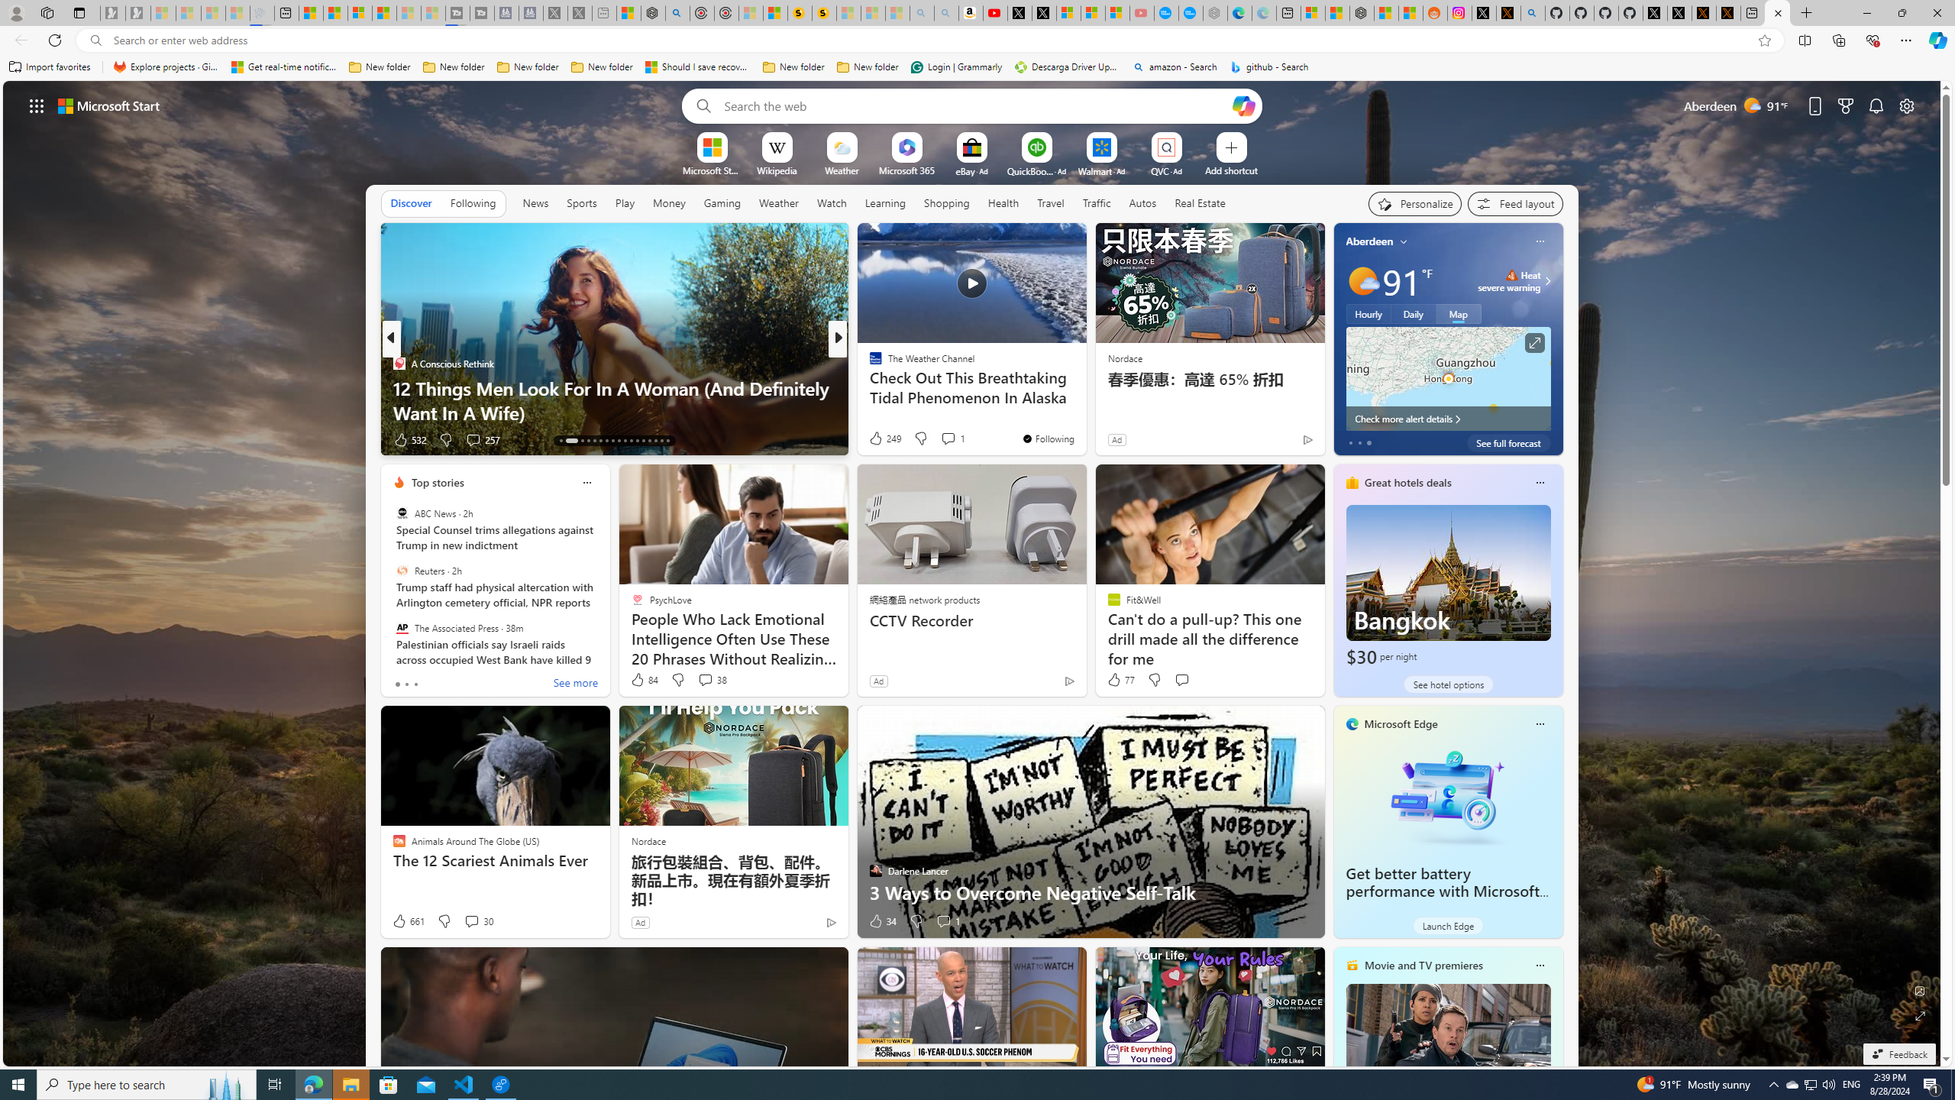 This screenshot has height=1100, width=1955. What do you see at coordinates (1002, 202) in the screenshot?
I see `'Health'` at bounding box center [1002, 202].